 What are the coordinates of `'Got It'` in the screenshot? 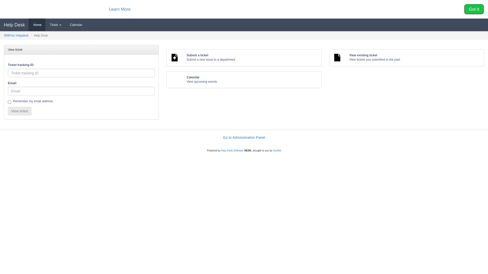 It's located at (474, 9).